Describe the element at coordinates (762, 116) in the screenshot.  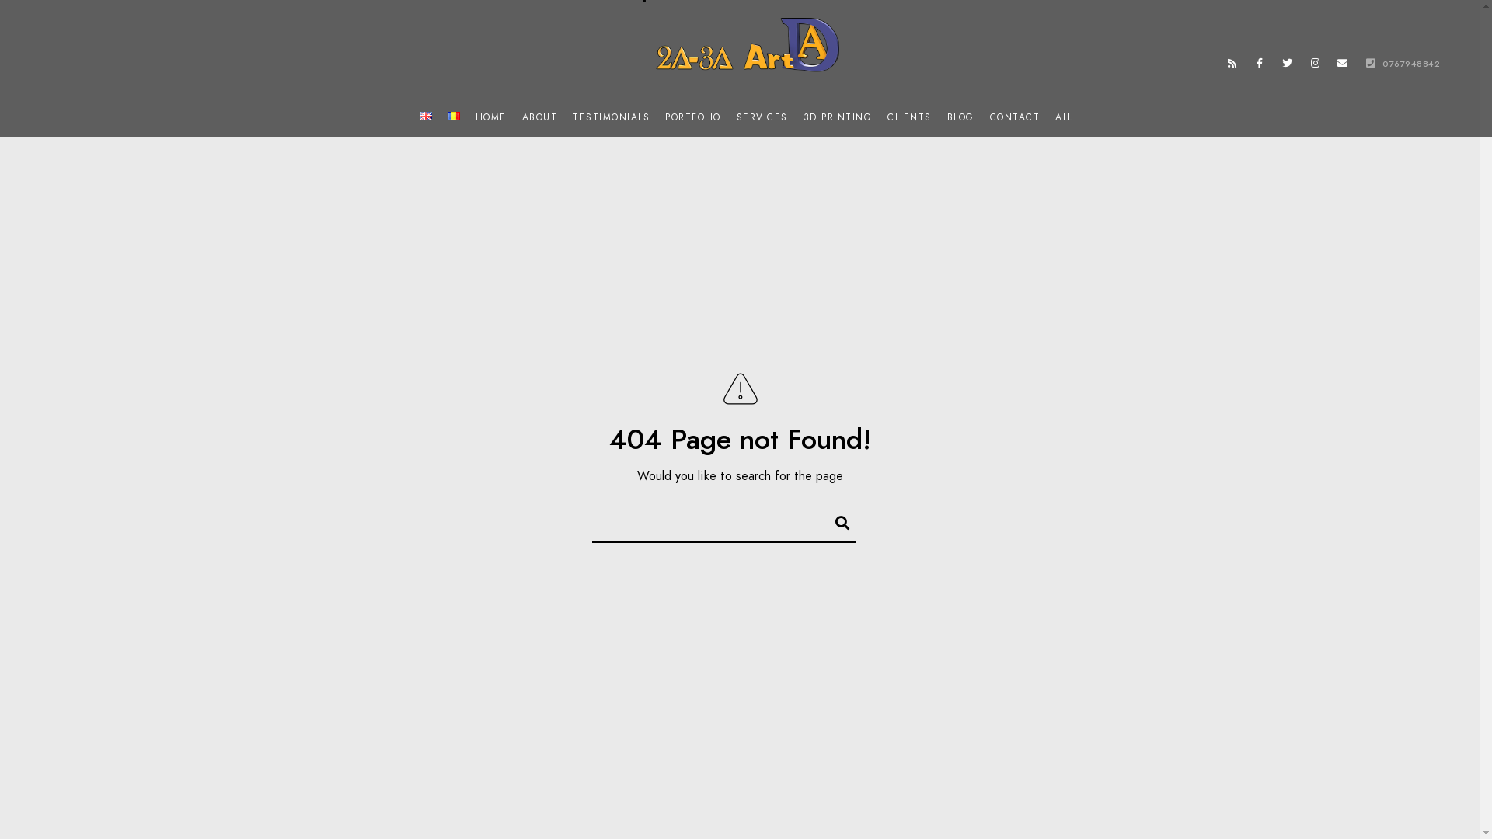
I see `'SERVICES'` at that location.